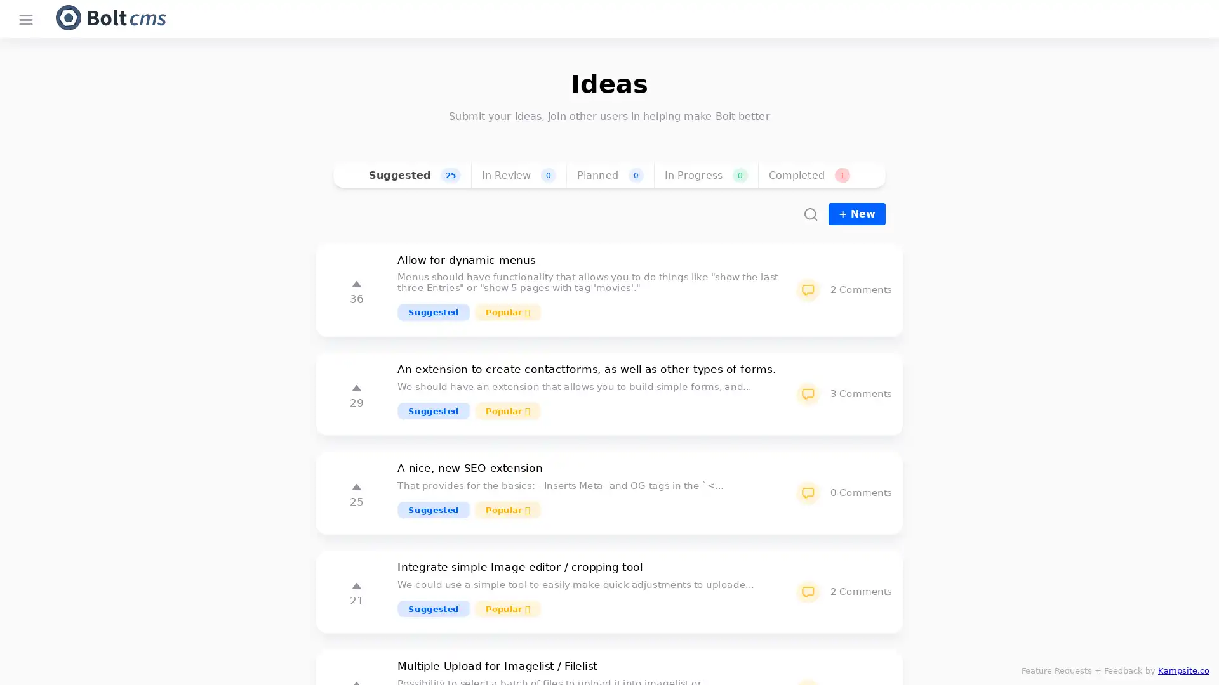  What do you see at coordinates (856, 213) in the screenshot?
I see `+ New` at bounding box center [856, 213].